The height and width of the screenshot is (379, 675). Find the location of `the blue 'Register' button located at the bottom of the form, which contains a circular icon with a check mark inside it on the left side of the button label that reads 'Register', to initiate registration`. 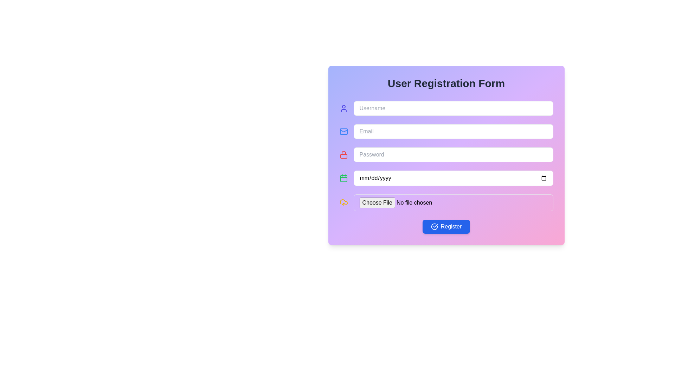

the blue 'Register' button located at the bottom of the form, which contains a circular icon with a check mark inside it on the left side of the button label that reads 'Register', to initiate registration is located at coordinates (434, 226).